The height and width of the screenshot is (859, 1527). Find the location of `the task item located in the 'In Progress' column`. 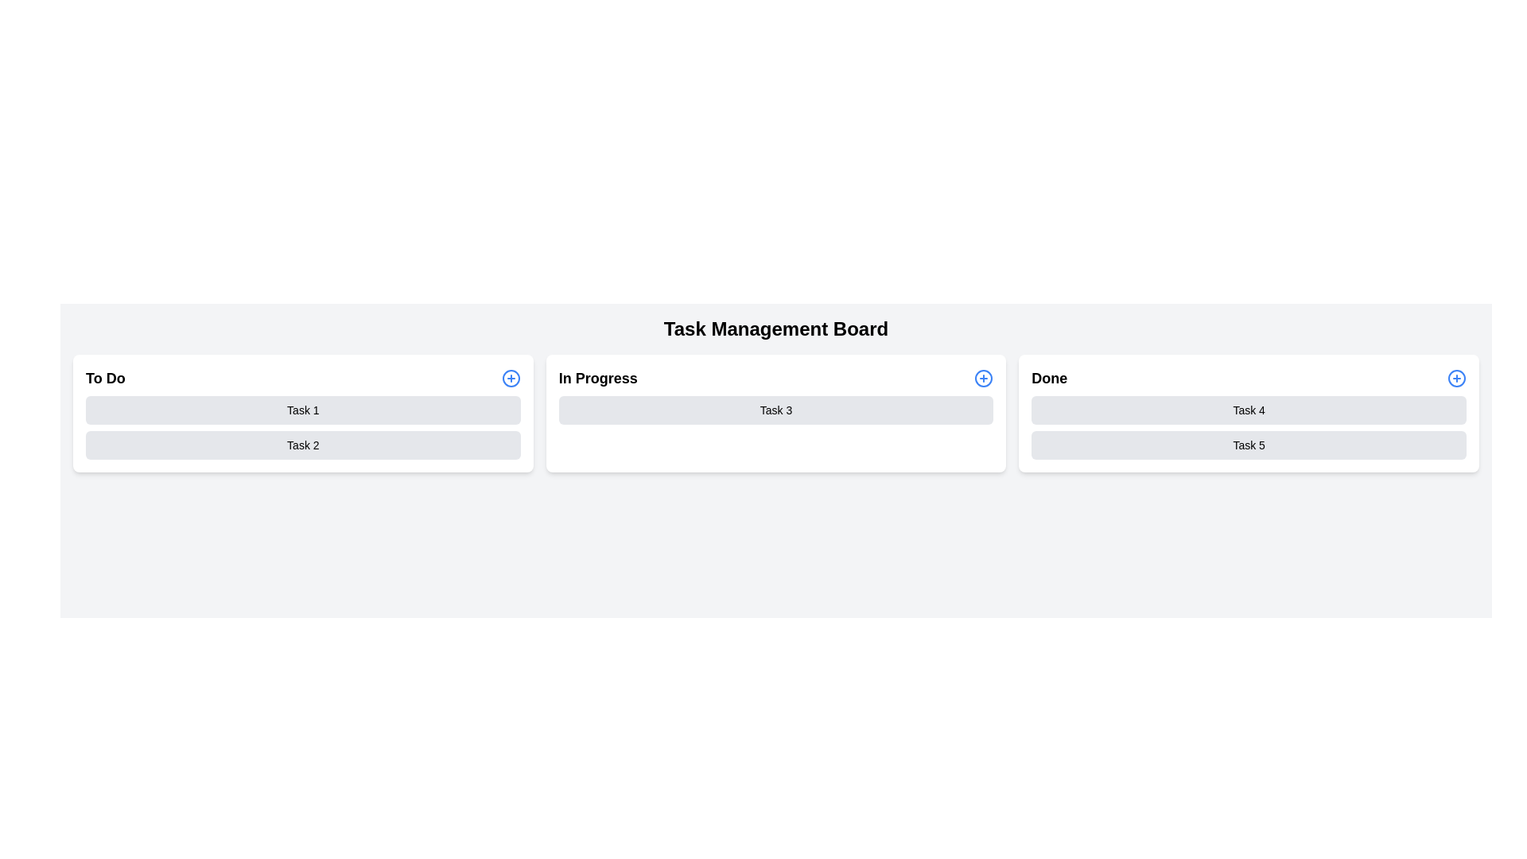

the task item located in the 'In Progress' column is located at coordinates (775, 413).